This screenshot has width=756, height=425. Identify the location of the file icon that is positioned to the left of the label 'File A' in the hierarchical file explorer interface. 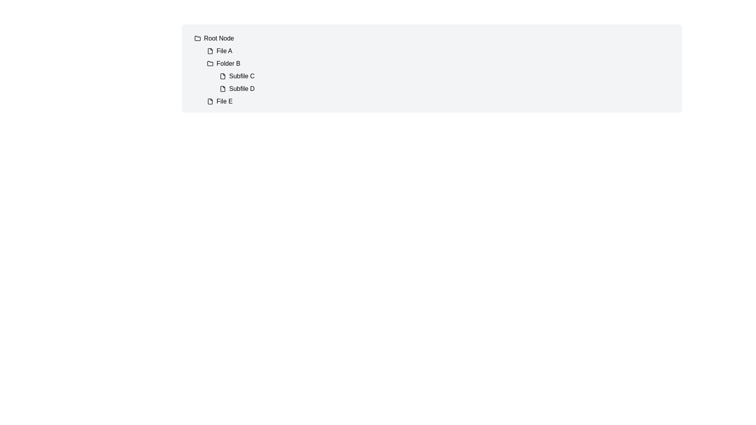
(210, 51).